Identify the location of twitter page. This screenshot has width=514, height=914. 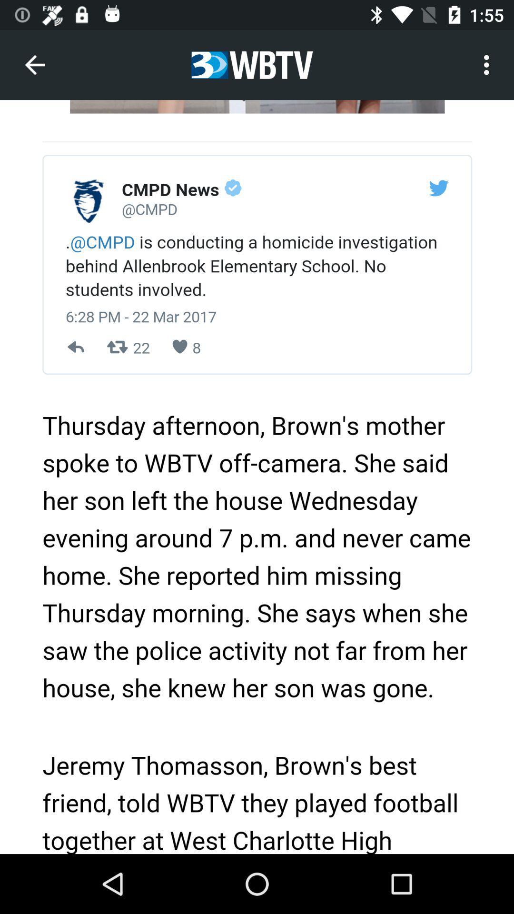
(257, 477).